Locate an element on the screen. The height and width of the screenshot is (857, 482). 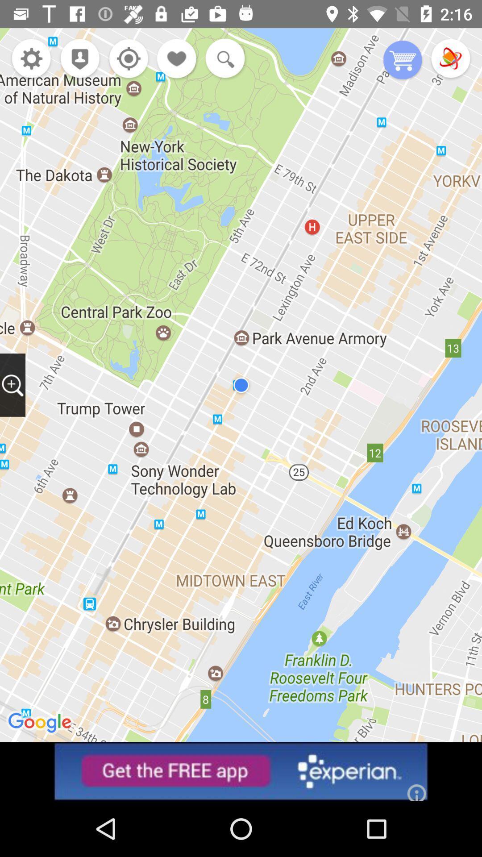
purchase is located at coordinates (403, 60).